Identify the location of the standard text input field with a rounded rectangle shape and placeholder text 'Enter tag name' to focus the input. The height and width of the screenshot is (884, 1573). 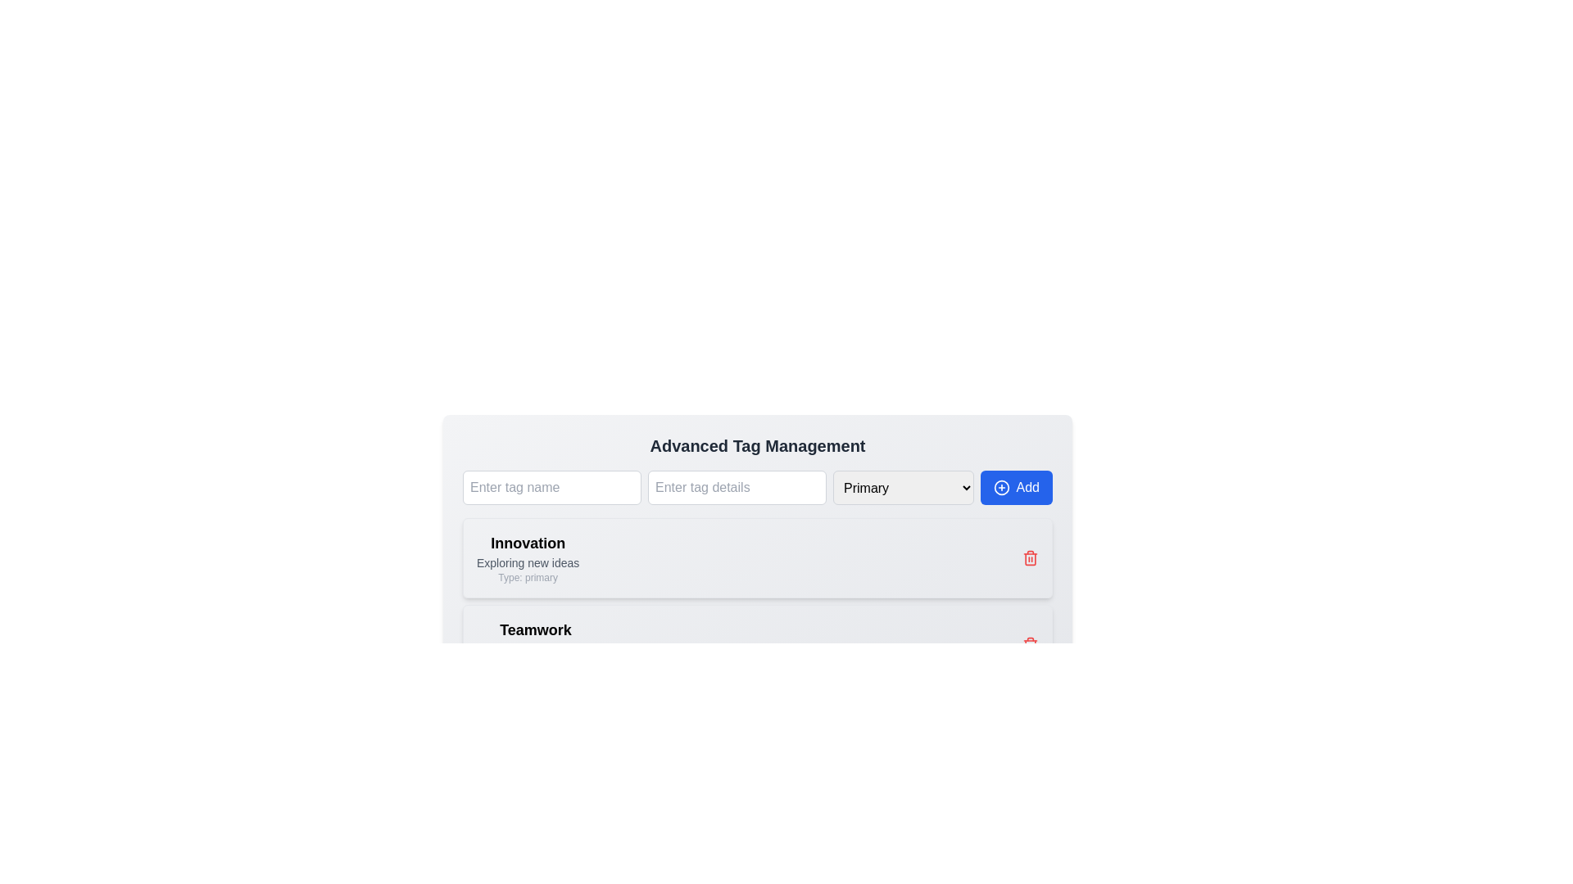
(551, 487).